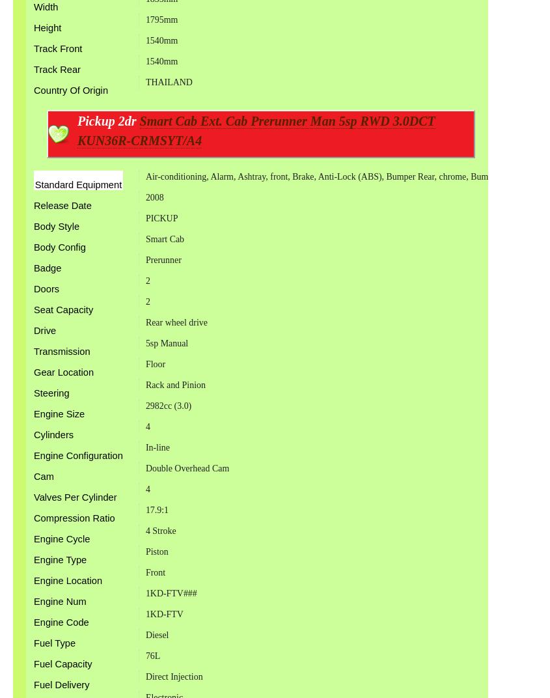 Image resolution: width=550 pixels, height=698 pixels. Describe the element at coordinates (47, 27) in the screenshot. I see `'Height'` at that location.